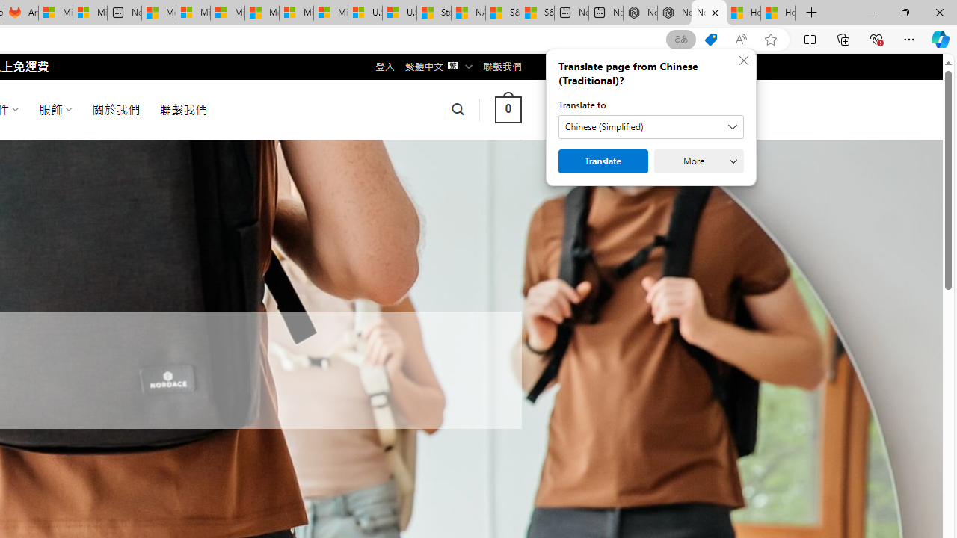  Describe the element at coordinates (698, 161) in the screenshot. I see `'More'` at that location.